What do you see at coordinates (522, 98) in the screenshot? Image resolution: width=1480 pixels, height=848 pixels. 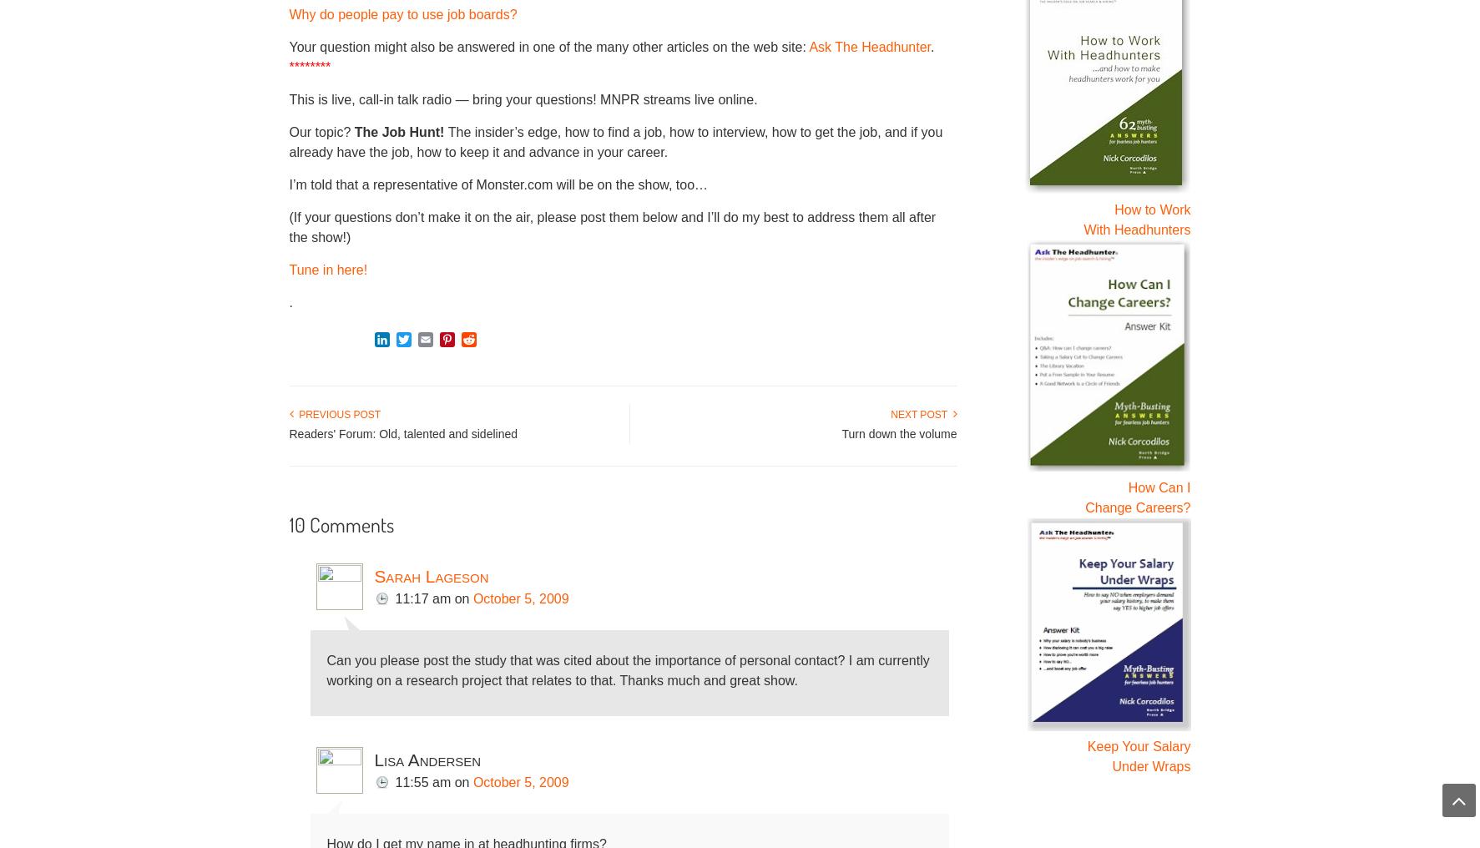 I see `'This is live, call-in talk radio — bring your questions! MNPR streams live online.'` at bounding box center [522, 98].